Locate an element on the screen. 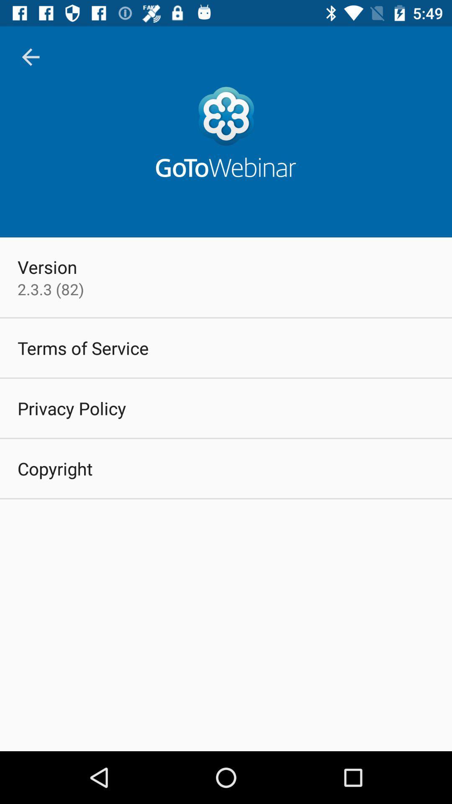  the item below version is located at coordinates (51, 289).